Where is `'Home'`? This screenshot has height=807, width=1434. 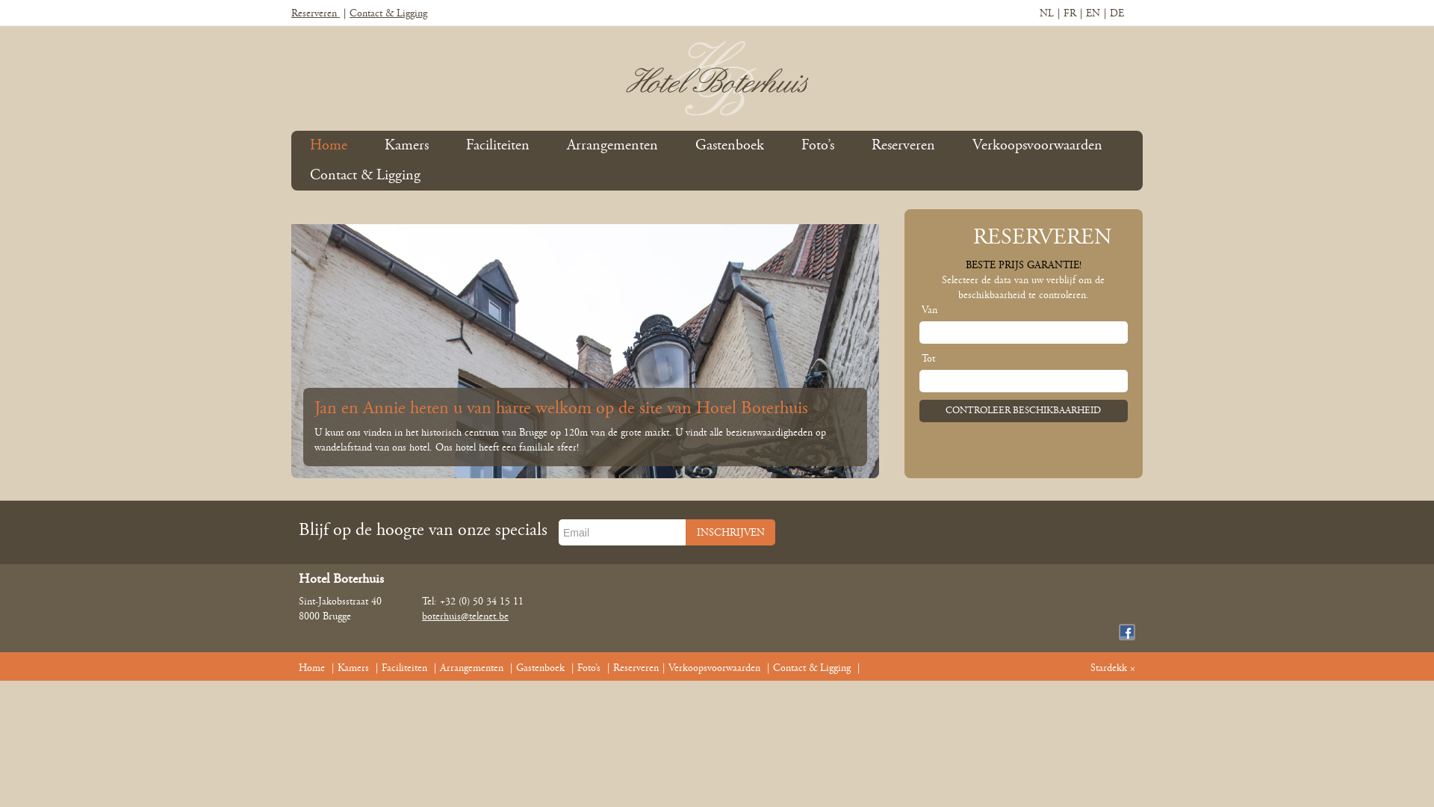
'Home' is located at coordinates (308, 146).